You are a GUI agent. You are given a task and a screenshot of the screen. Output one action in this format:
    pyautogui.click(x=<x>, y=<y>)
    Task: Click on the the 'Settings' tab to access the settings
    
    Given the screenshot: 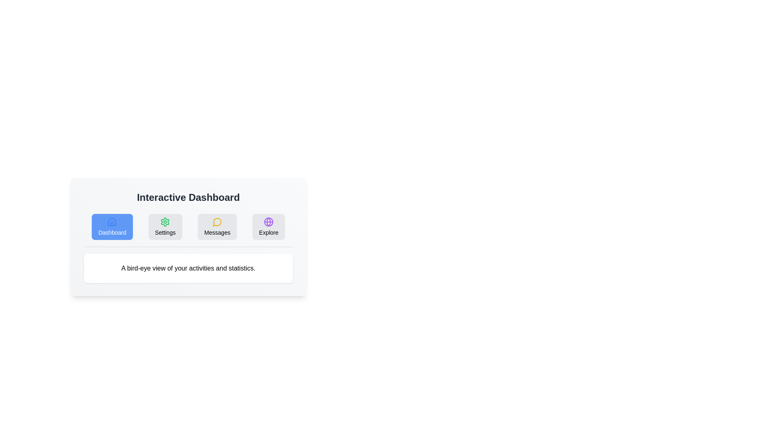 What is the action you would take?
    pyautogui.click(x=165, y=227)
    